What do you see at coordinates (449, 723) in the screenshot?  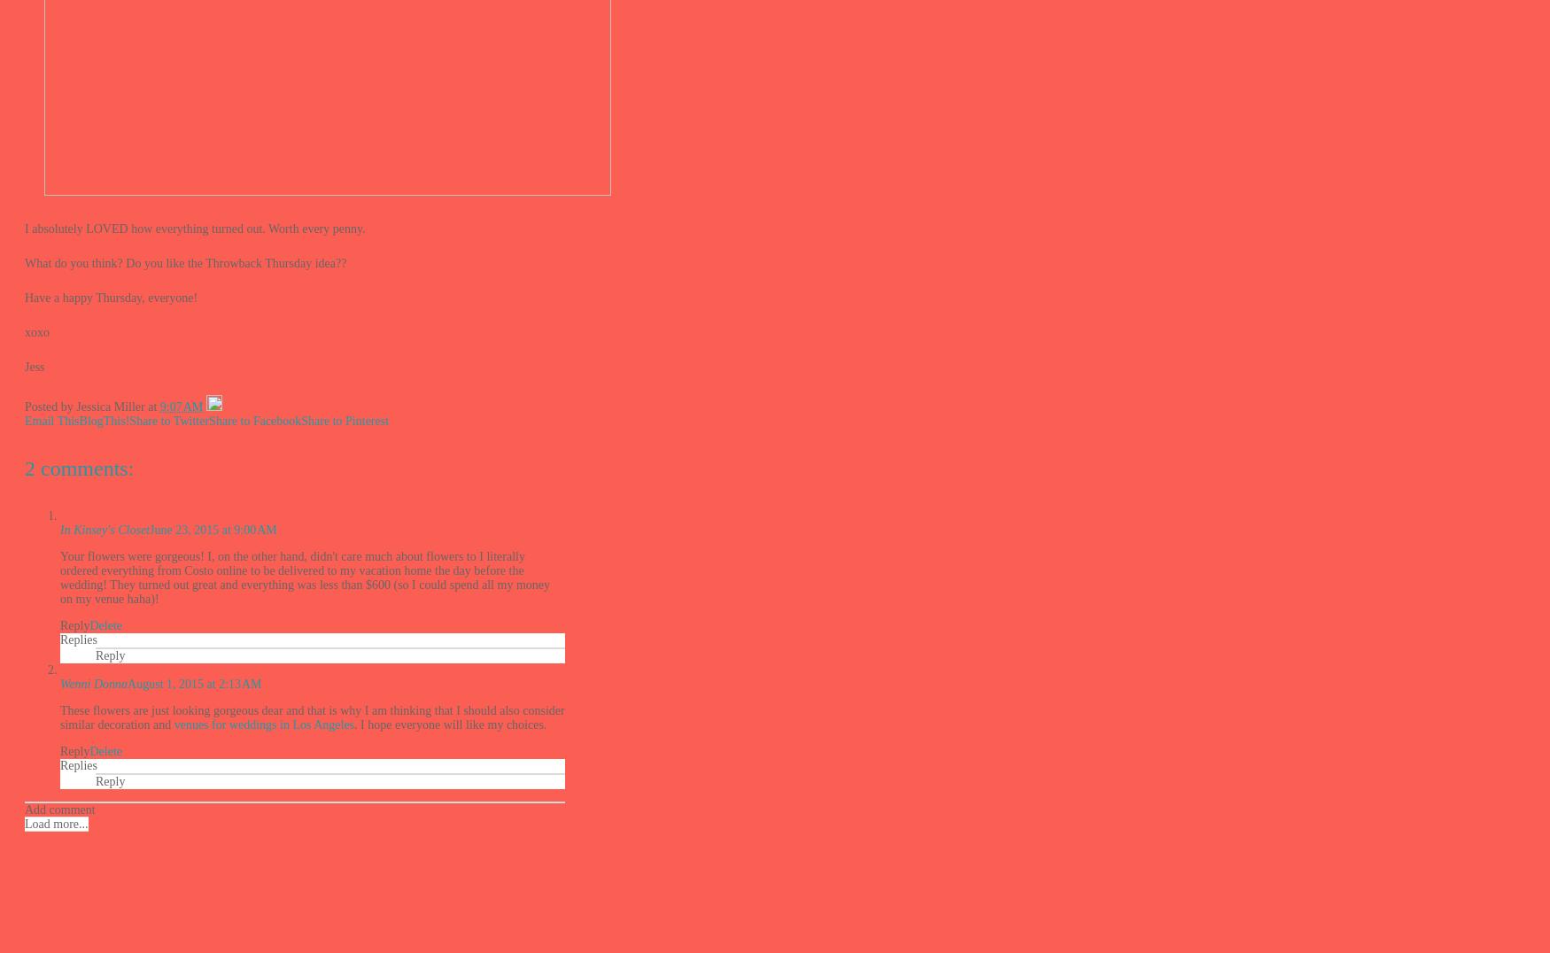 I see `'. I hope everyone will like my choices.'` at bounding box center [449, 723].